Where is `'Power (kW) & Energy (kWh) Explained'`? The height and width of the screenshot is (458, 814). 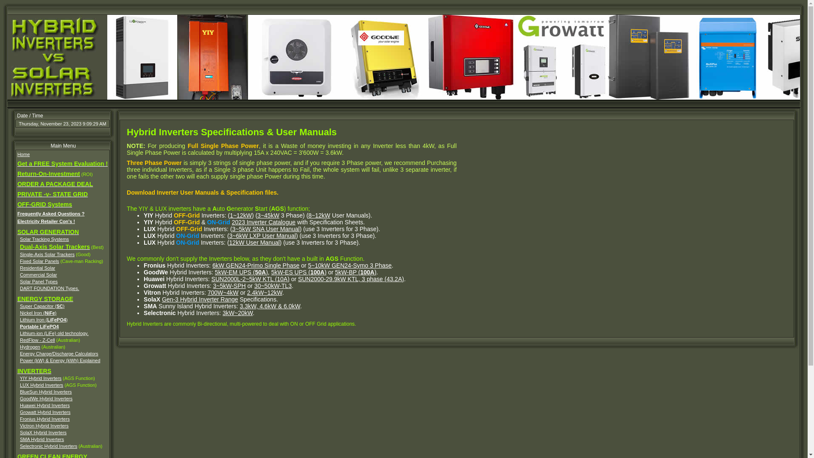
'Power (kW) & Energy (kWh) Explained' is located at coordinates (60, 360).